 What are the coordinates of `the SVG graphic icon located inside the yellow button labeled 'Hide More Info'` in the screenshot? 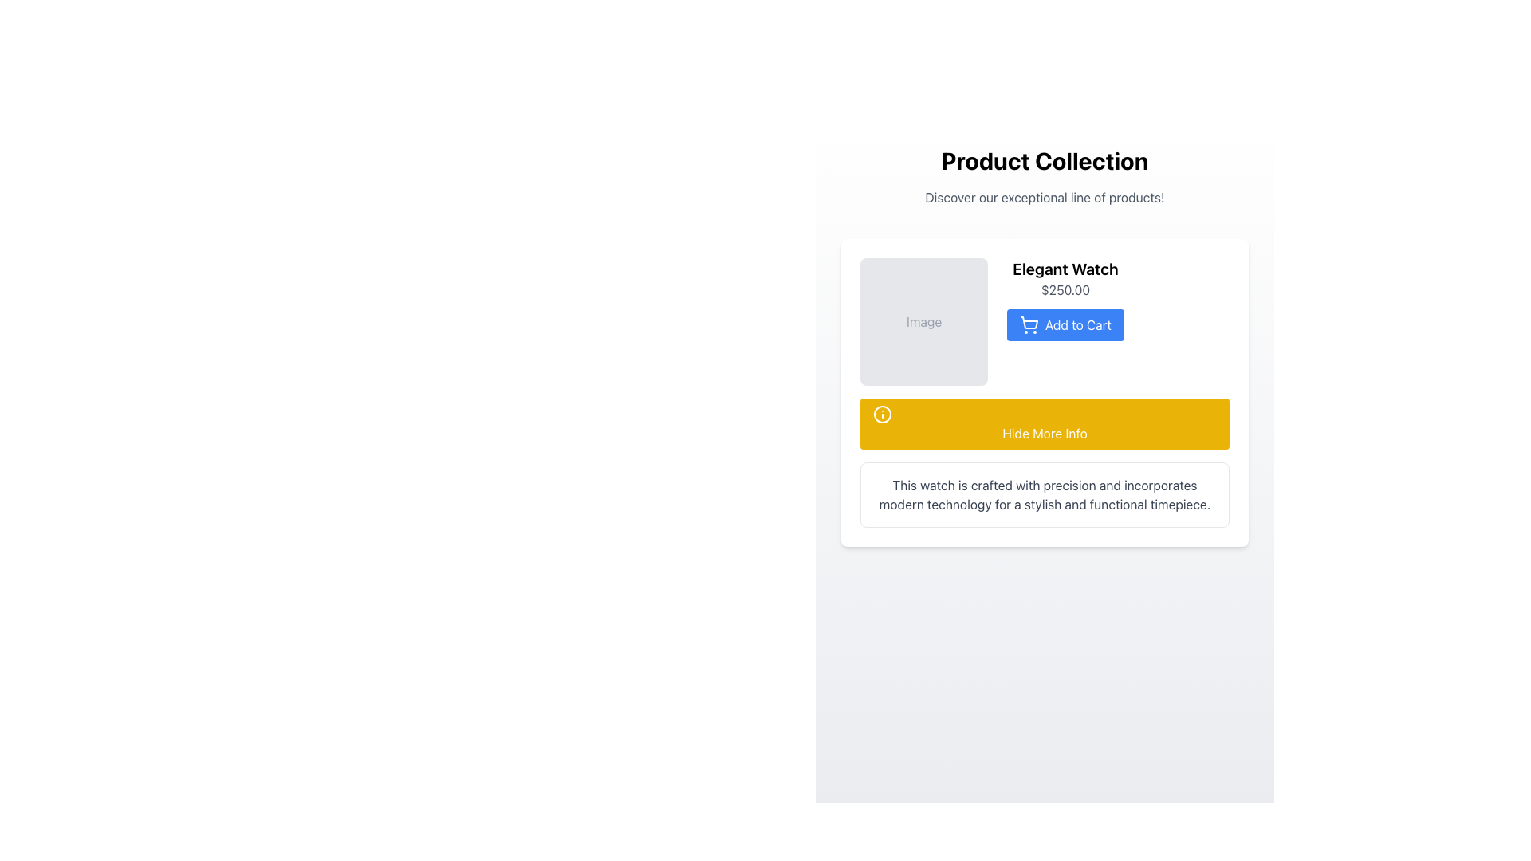 It's located at (882, 414).